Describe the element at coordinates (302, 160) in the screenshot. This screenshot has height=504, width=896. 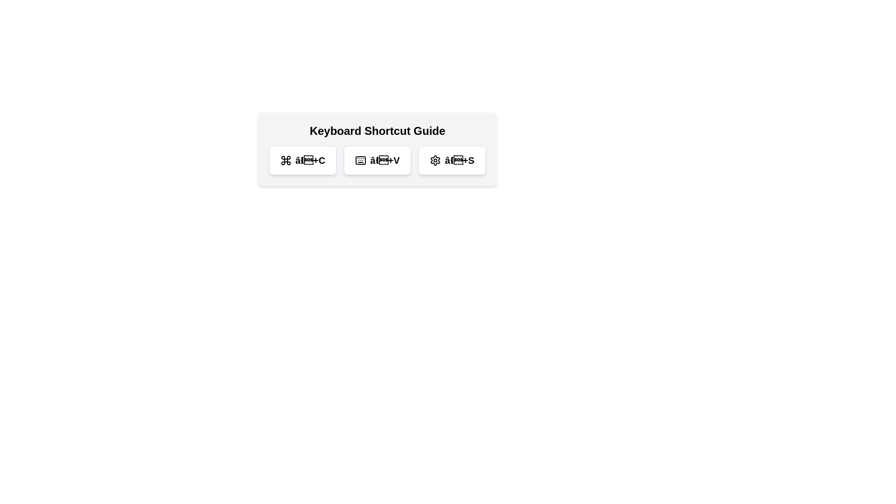
I see `the rounded rectangle button with a white background and the text '⌘+C' to interact` at that location.